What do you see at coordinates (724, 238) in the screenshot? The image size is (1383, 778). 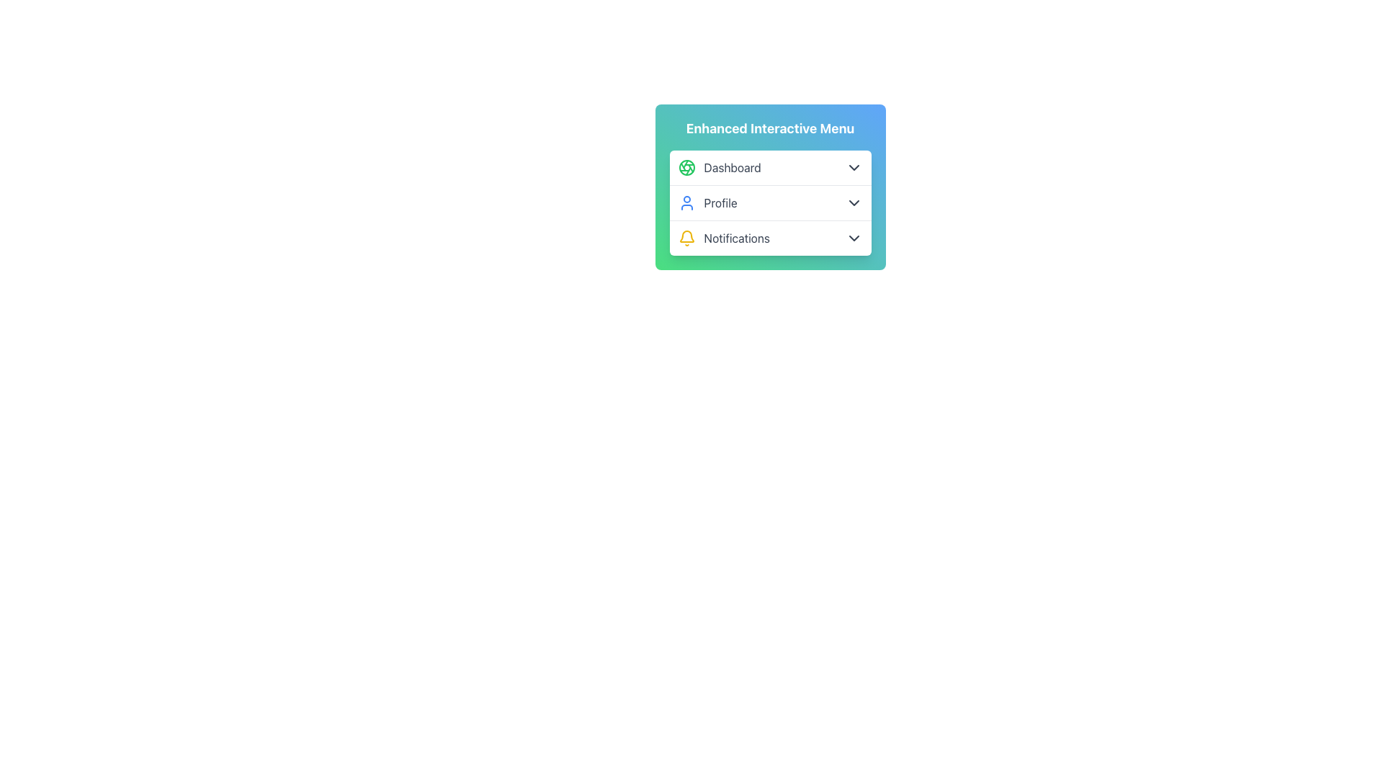 I see `the Notification menu item at the bottom of the list` at bounding box center [724, 238].